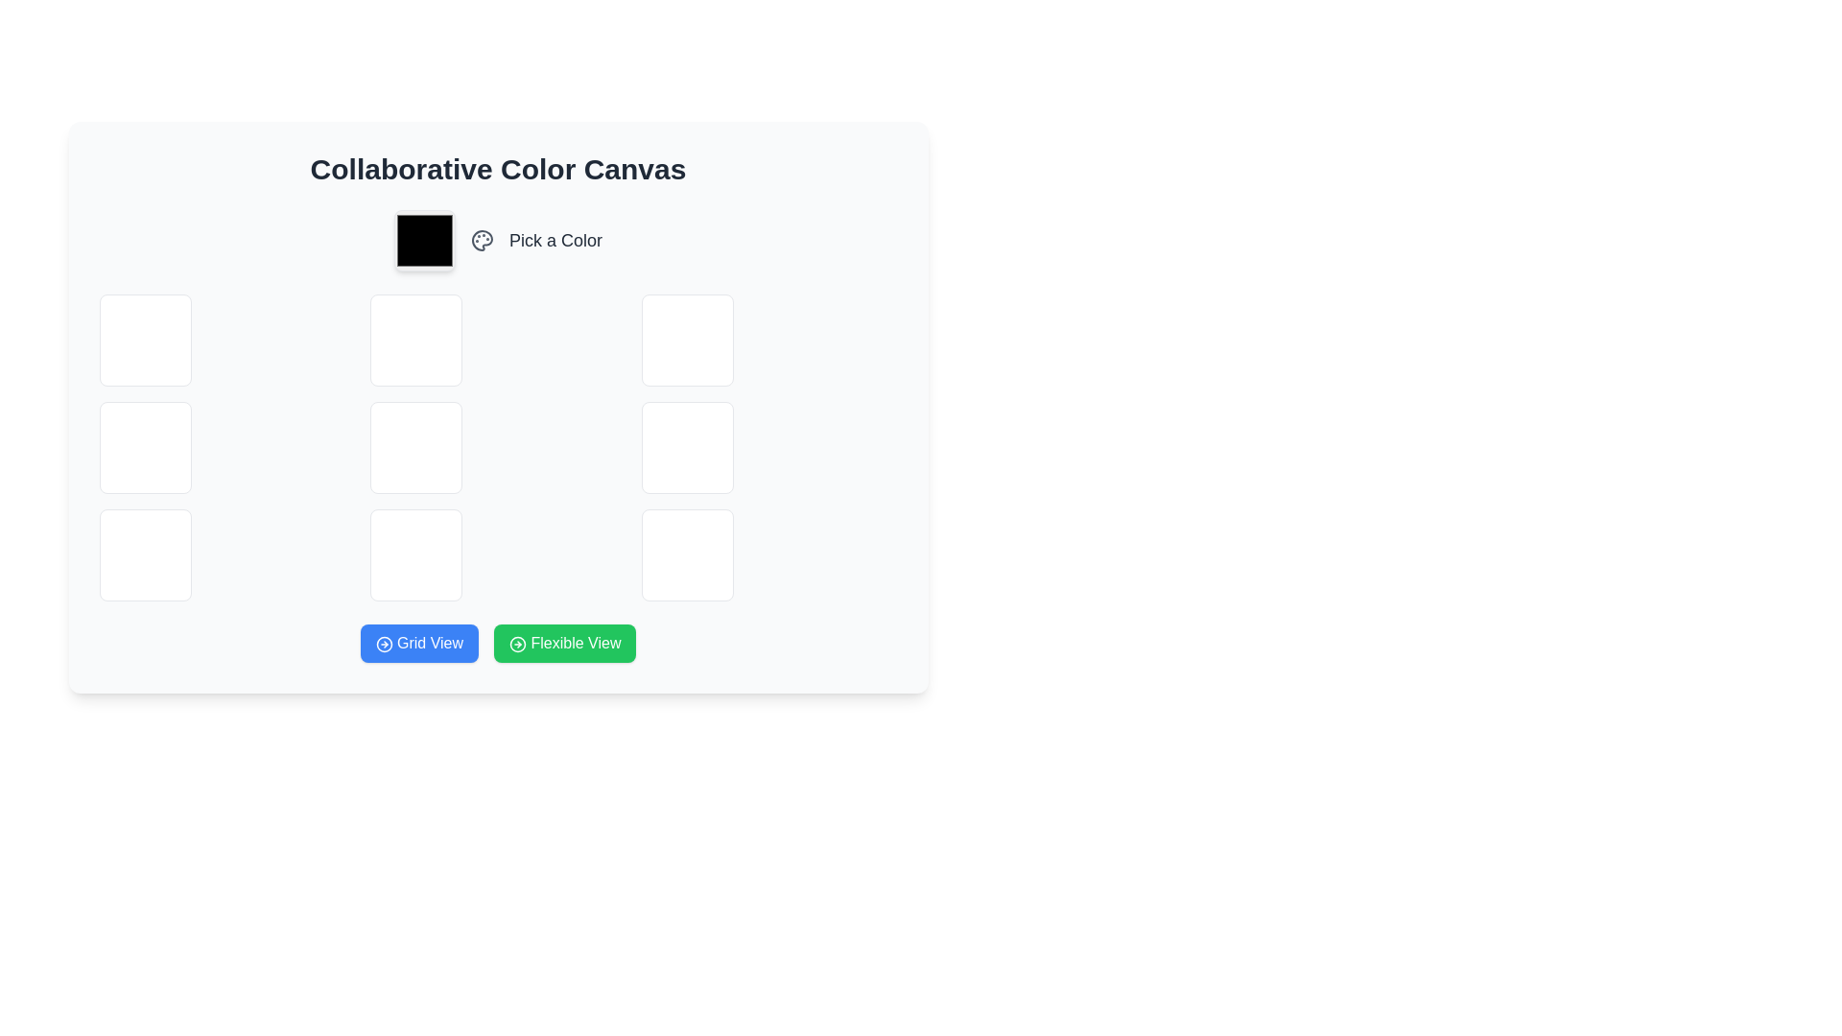 The height and width of the screenshot is (1036, 1842). I want to click on the Color picker button located in the 'Pick a Color' row, so click(423, 239).